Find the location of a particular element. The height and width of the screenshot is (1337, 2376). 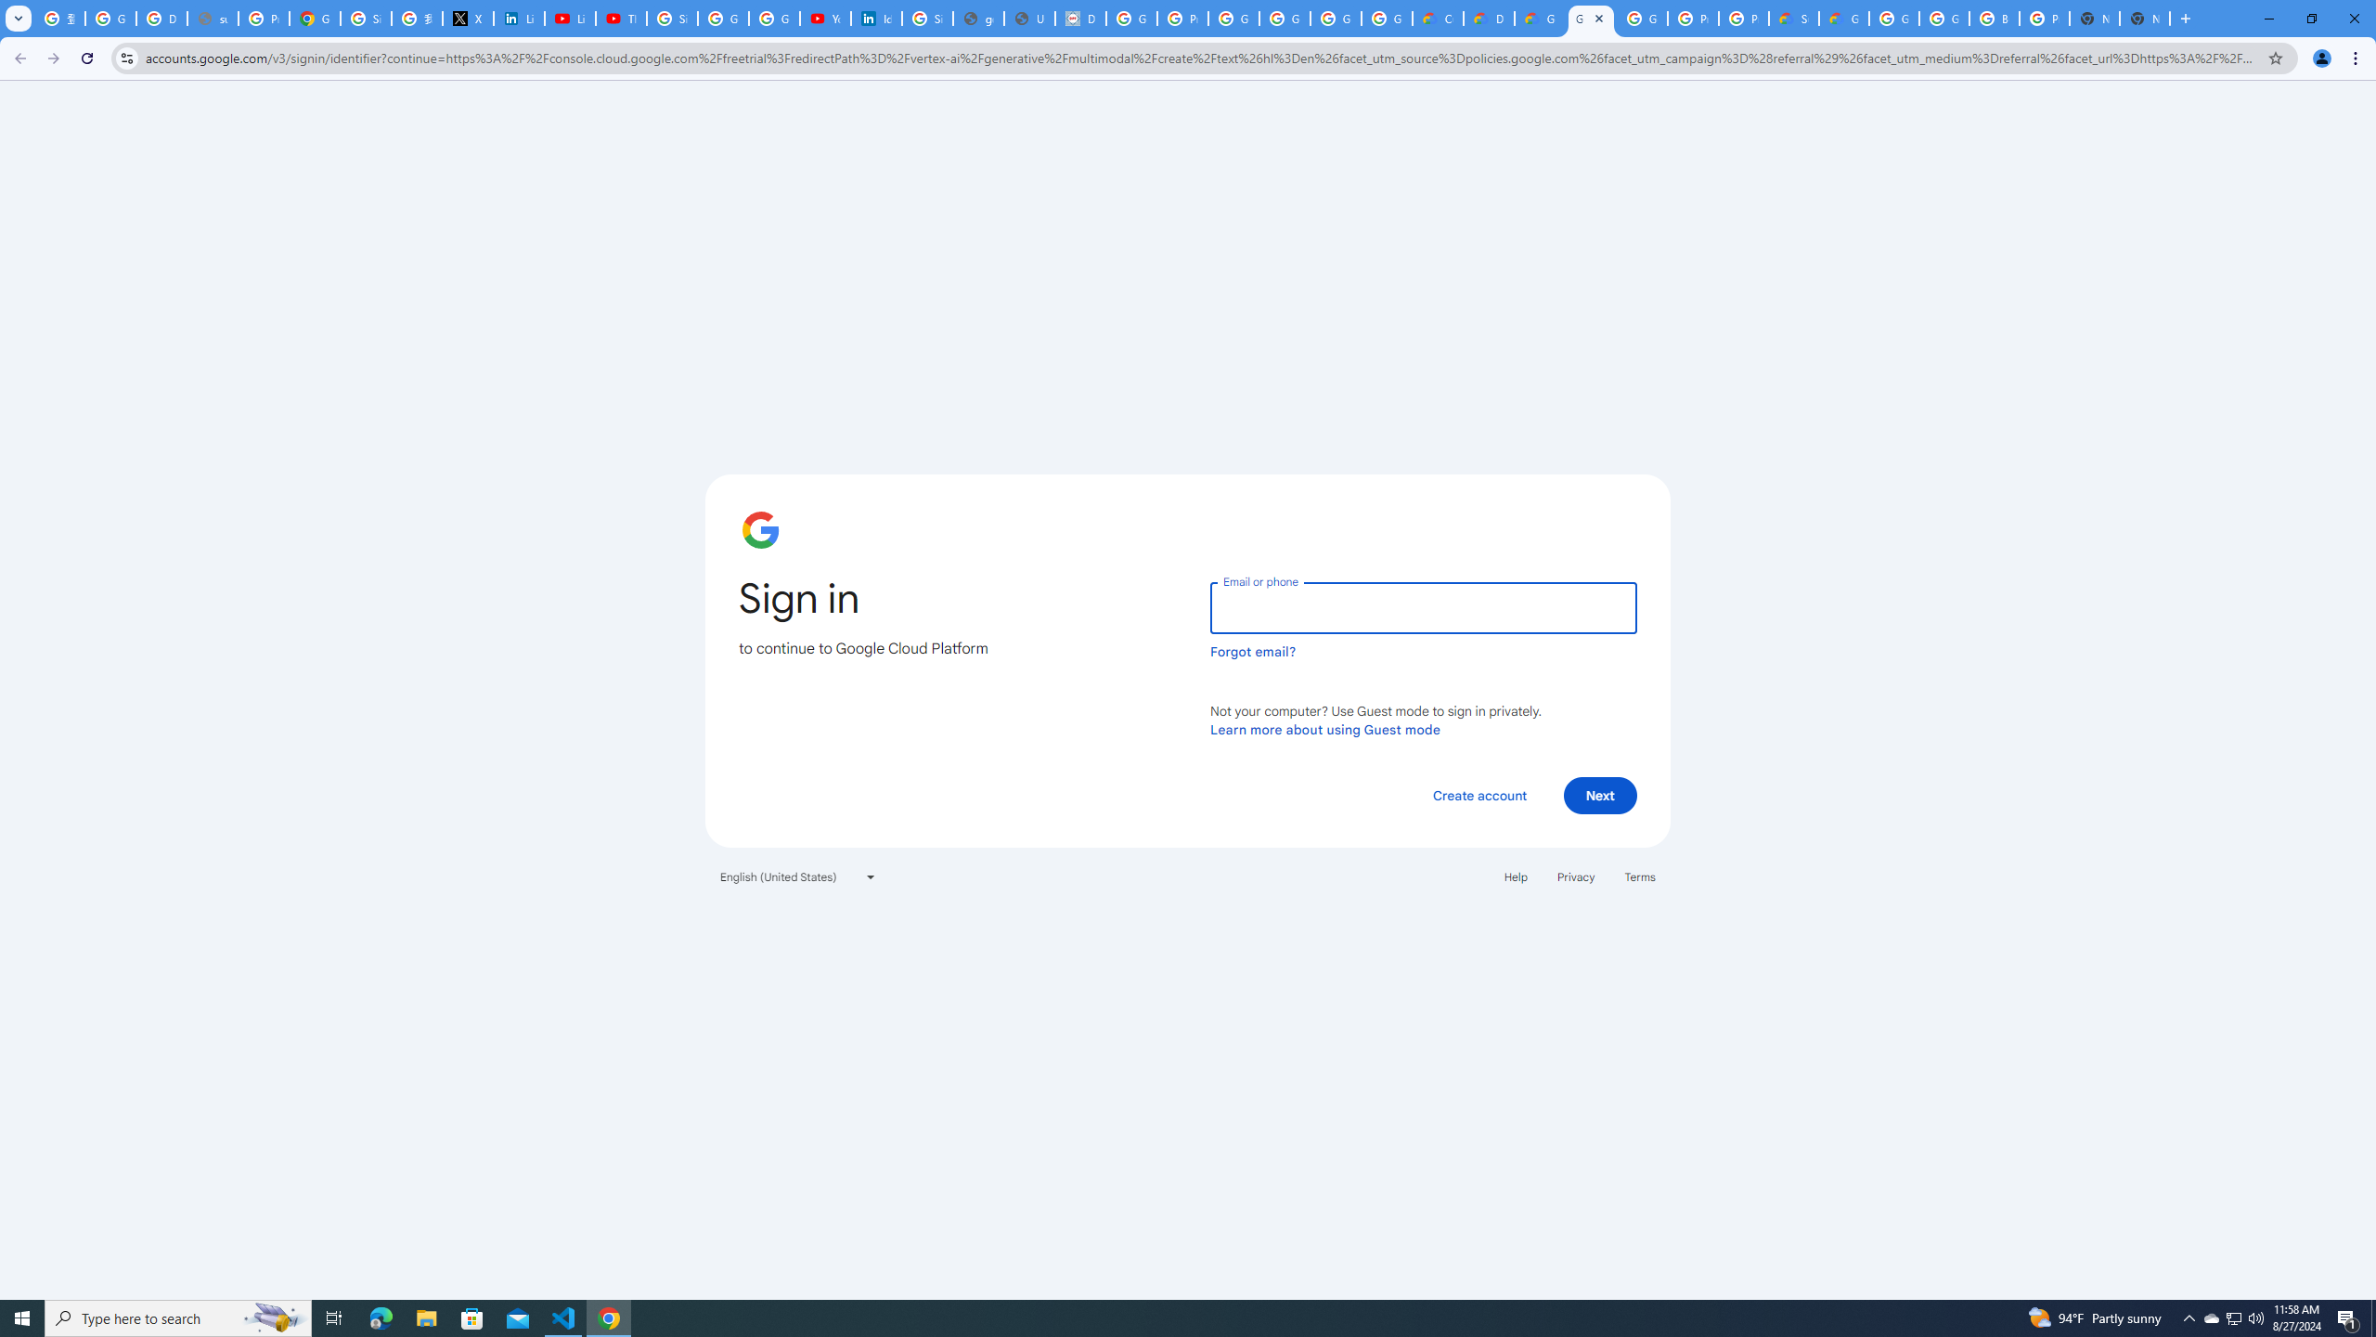

'X' is located at coordinates (468, 18).